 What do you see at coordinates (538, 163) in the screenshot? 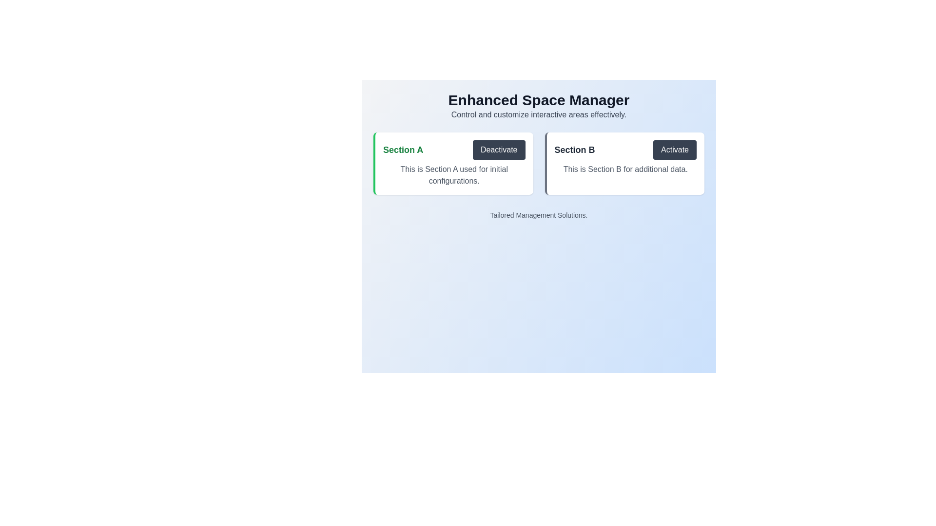
I see `the Grid layout containing sections 'Section A' and 'Section B'` at bounding box center [538, 163].